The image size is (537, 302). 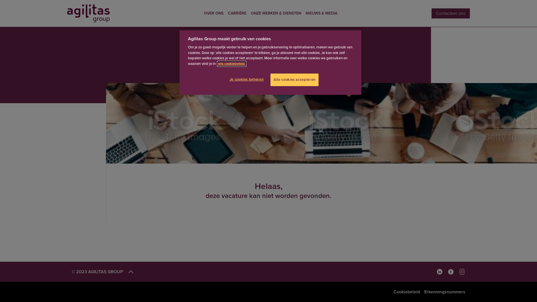 I want to click on 'ONZE MERKEN & DIENSTEN', so click(x=276, y=13).